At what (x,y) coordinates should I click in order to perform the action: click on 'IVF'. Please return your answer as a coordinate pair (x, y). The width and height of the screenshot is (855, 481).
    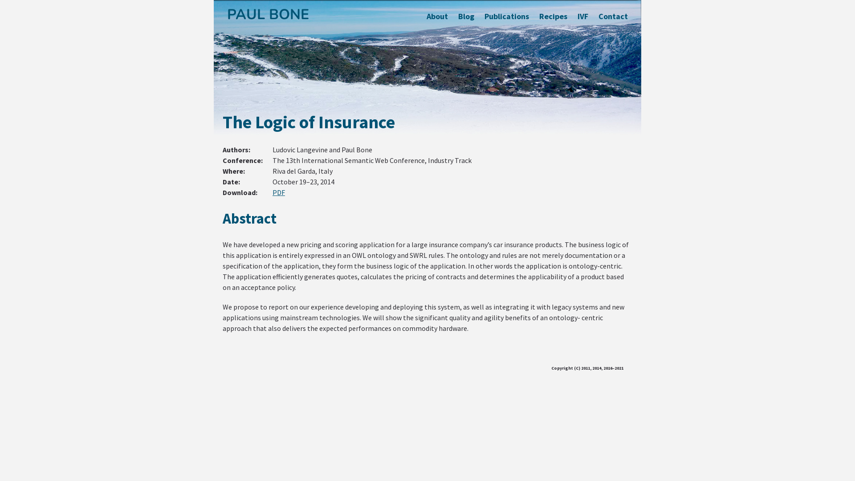
    Looking at the image, I should click on (583, 16).